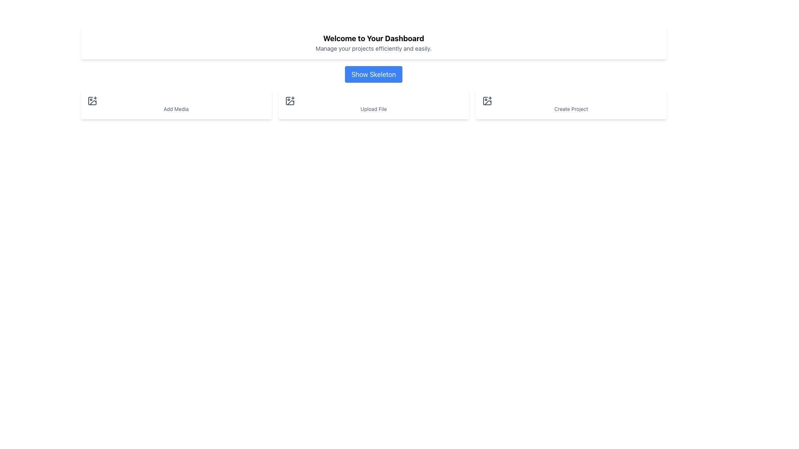 This screenshot has height=449, width=799. Describe the element at coordinates (373, 38) in the screenshot. I see `text content of the welcoming message Text Label positioned at the top of the dashboard interface` at that location.